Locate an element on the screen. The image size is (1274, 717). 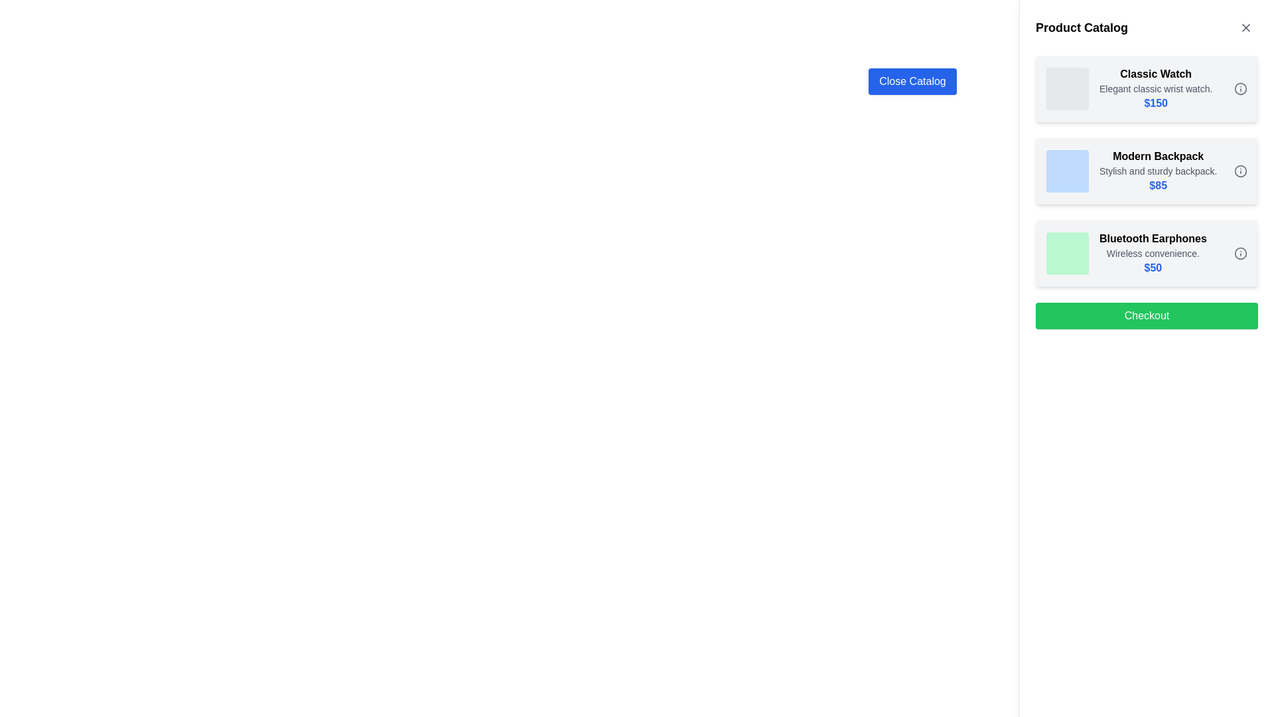
the static text displaying the name of the third product item in the right-hand product catalog section is located at coordinates (1152, 238).